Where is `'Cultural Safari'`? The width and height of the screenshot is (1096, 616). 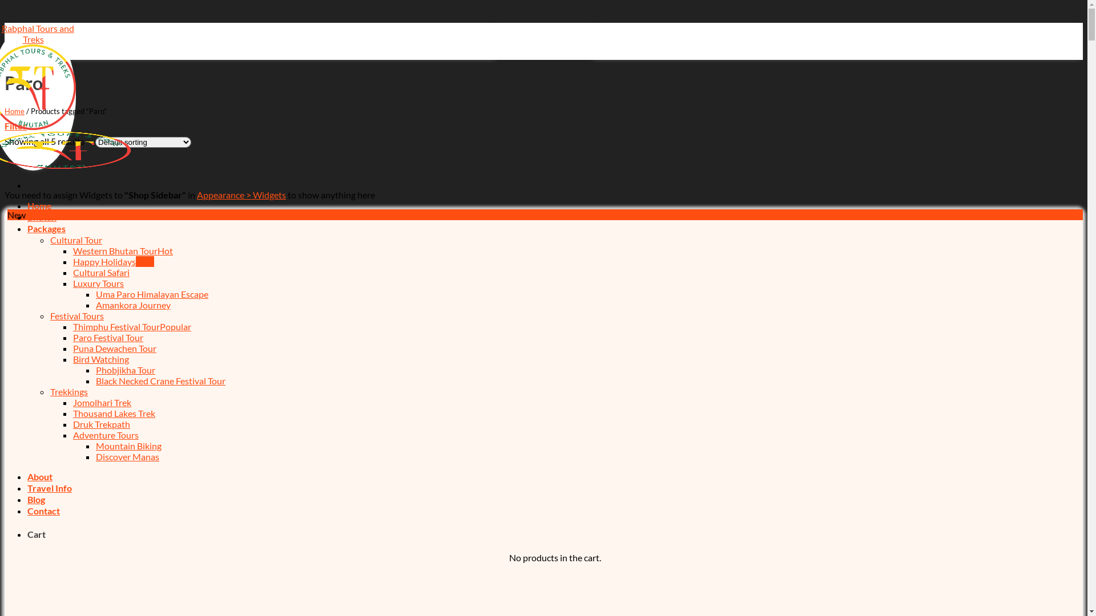
'Cultural Safari' is located at coordinates (101, 272).